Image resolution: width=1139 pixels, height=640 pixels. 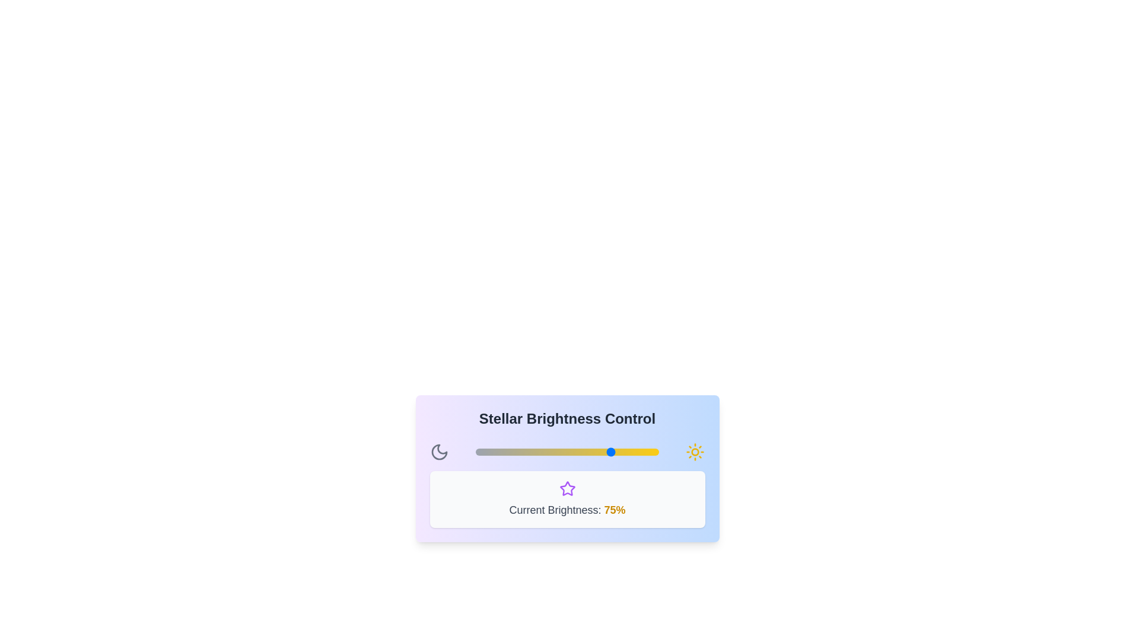 I want to click on the slider to set the brightness to 76%, so click(x=615, y=452).